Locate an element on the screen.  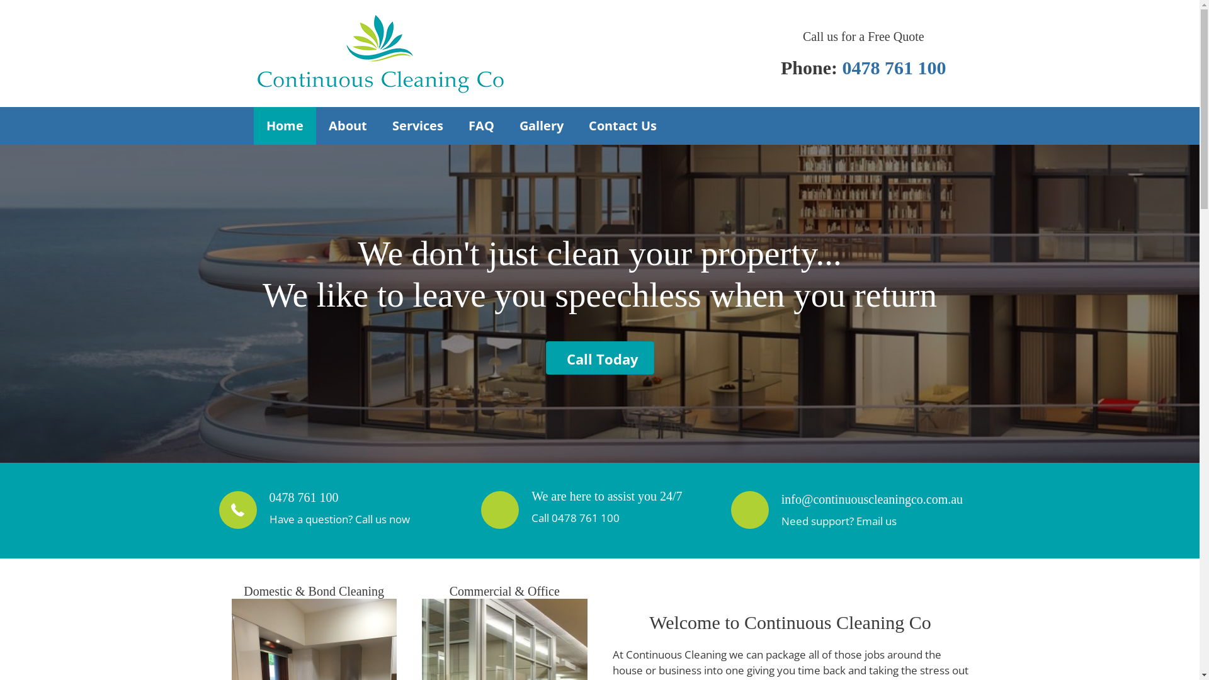
'Call Today' is located at coordinates (598, 358).